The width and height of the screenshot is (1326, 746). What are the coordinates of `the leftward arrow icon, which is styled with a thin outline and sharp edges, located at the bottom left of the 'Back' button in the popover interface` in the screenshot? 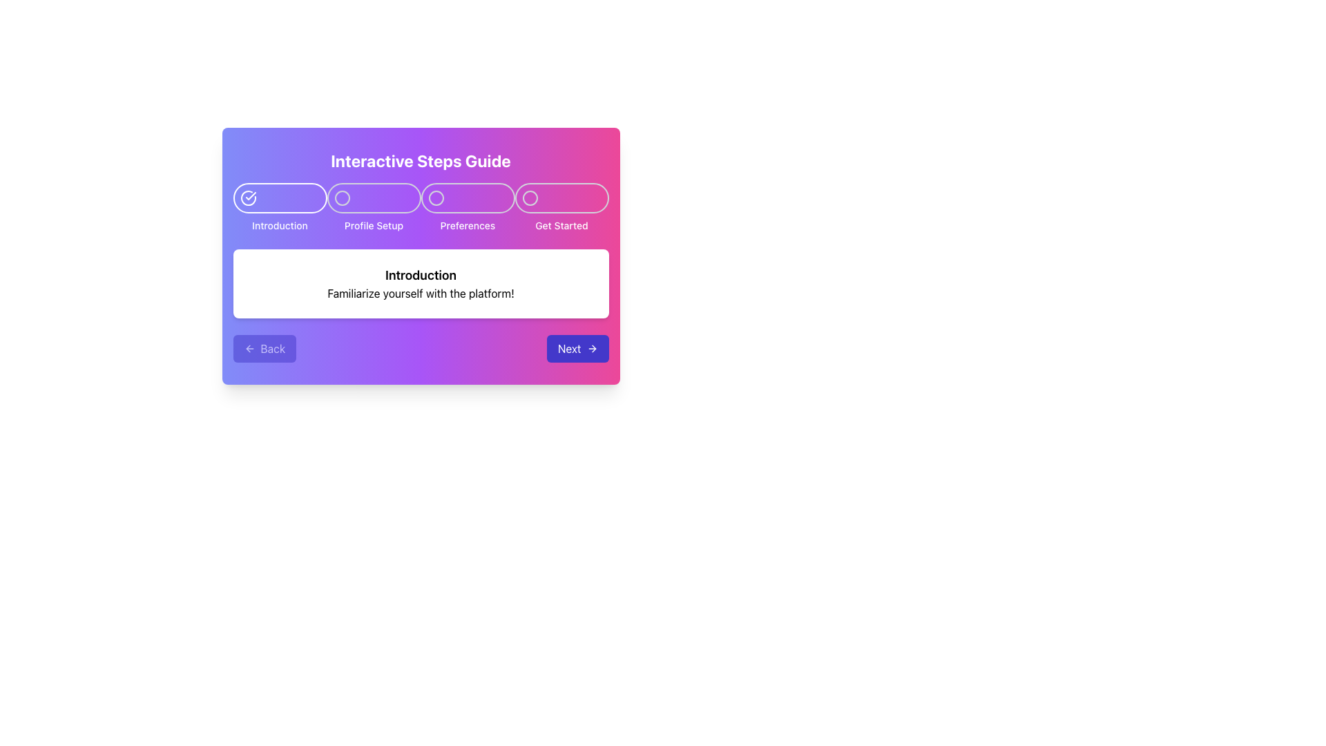 It's located at (249, 348).